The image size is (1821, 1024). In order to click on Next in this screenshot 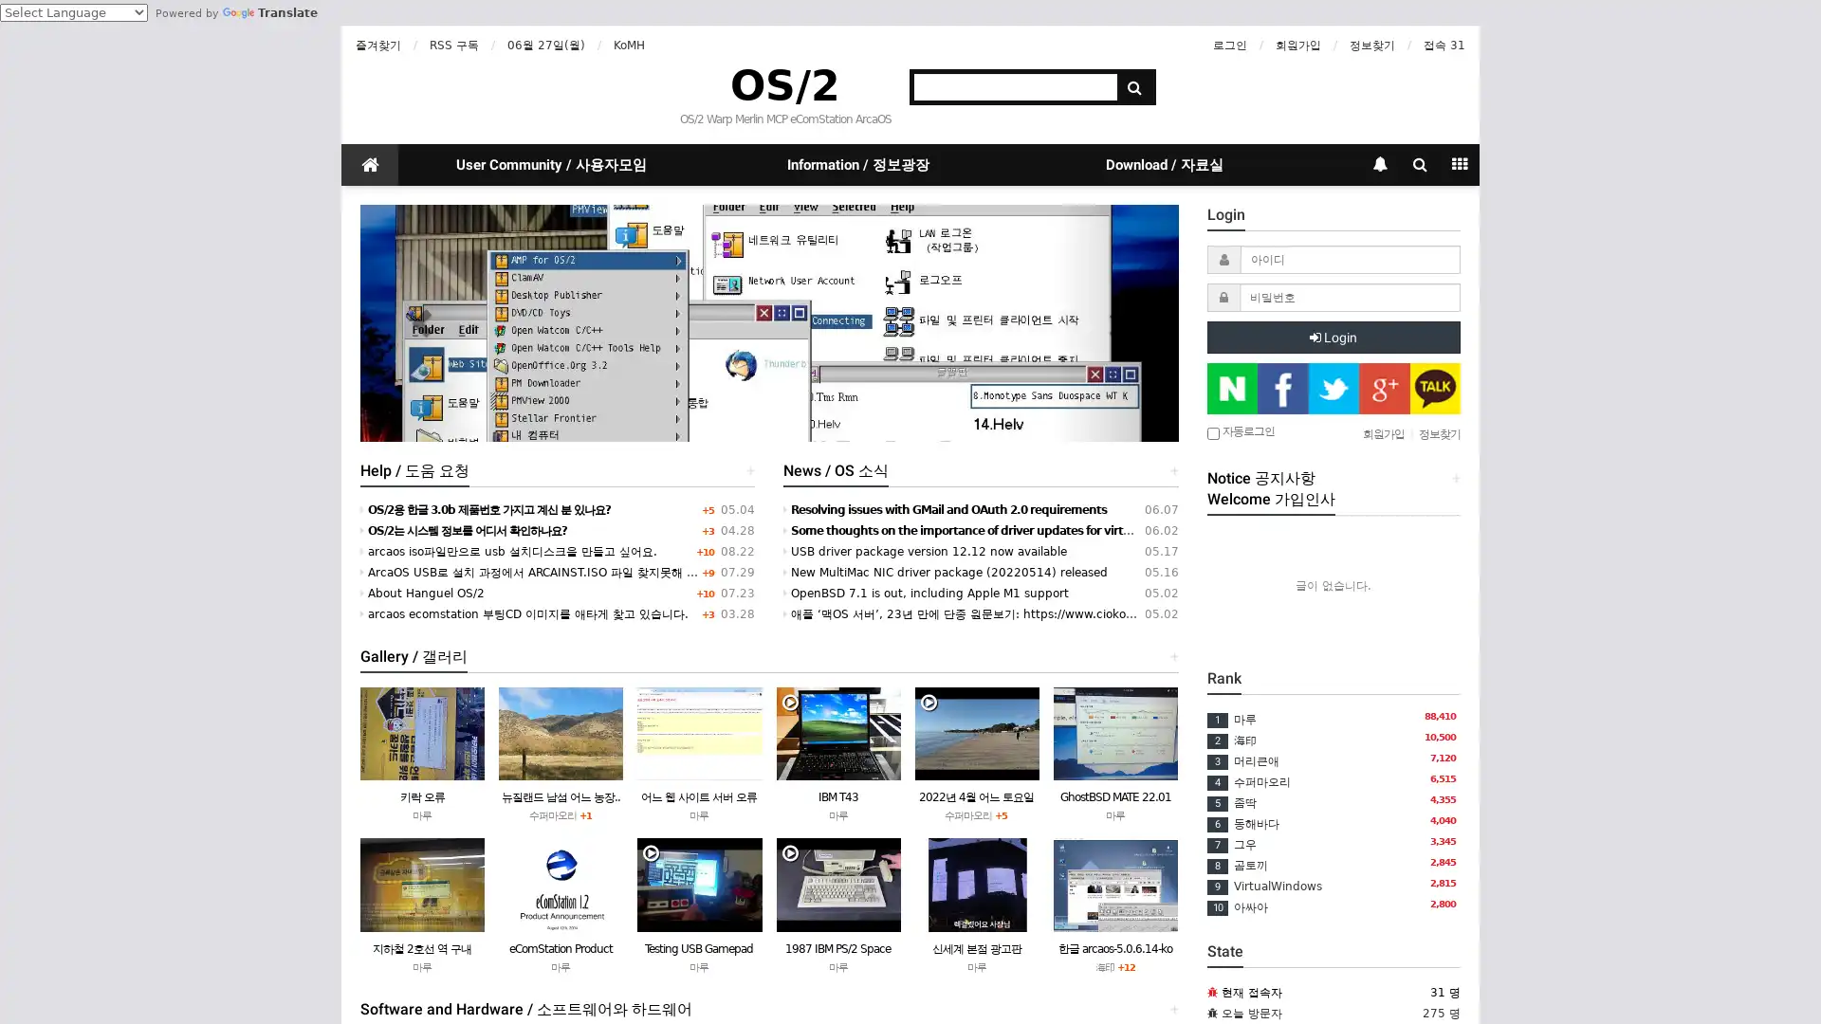, I will do `click(1116, 321)`.